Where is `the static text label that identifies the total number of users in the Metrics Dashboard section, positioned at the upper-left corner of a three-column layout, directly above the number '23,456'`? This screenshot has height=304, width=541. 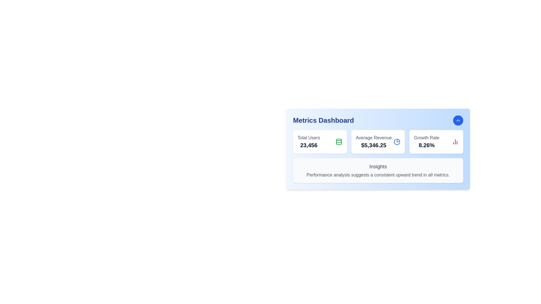 the static text label that identifies the total number of users in the Metrics Dashboard section, positioned at the upper-left corner of a three-column layout, directly above the number '23,456' is located at coordinates (308, 138).